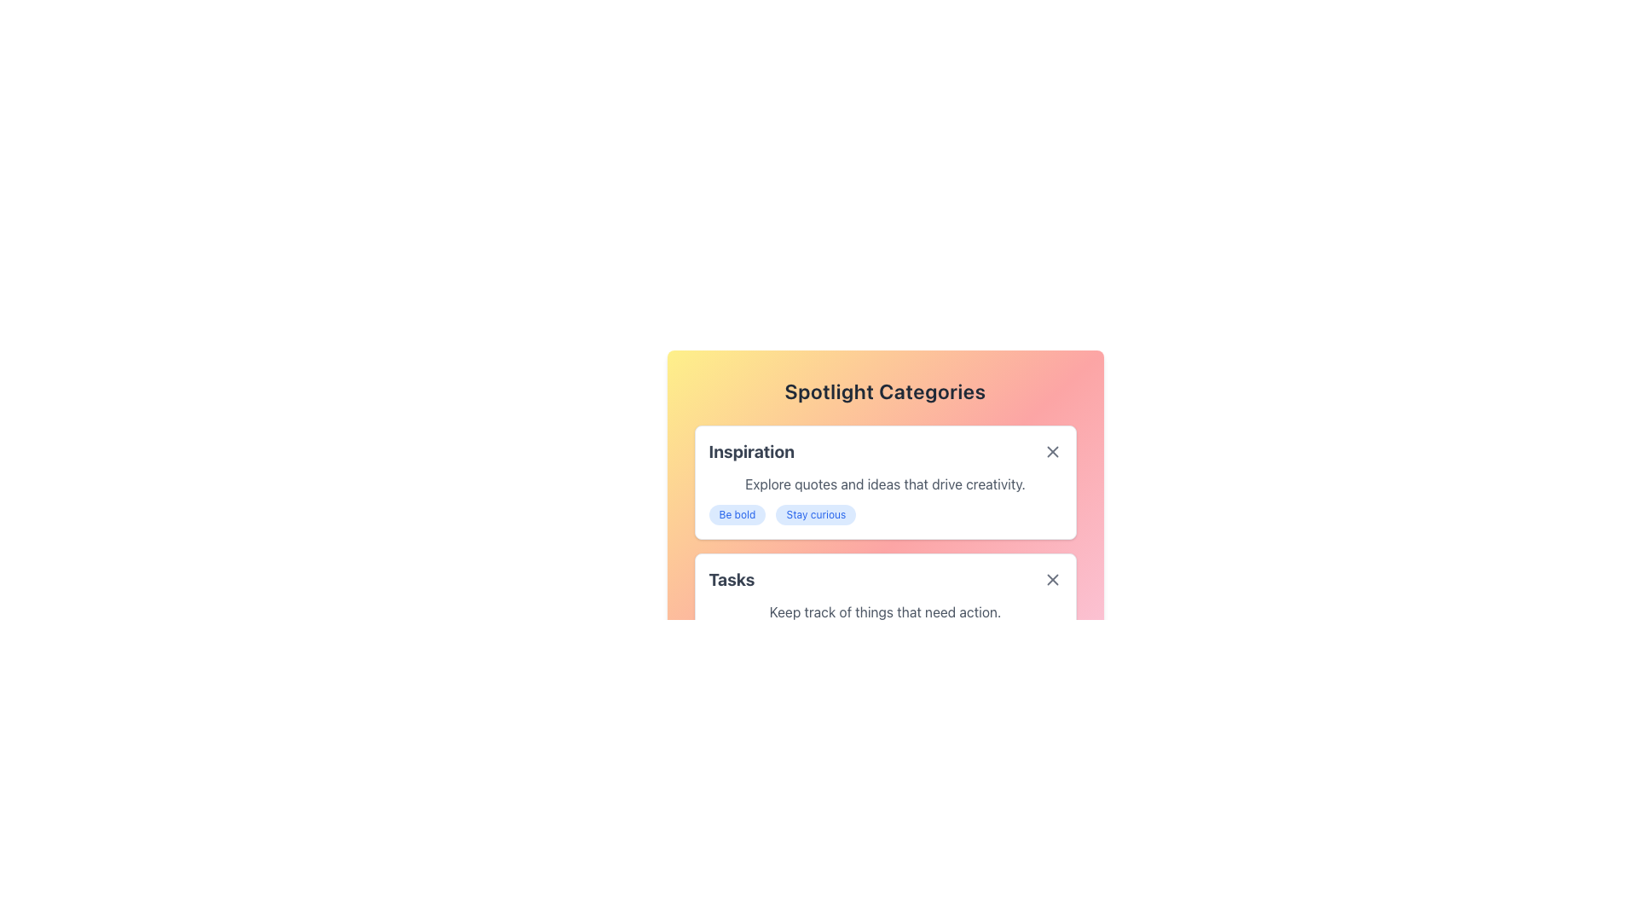 The height and width of the screenshot is (921, 1637). Describe the element at coordinates (885, 474) in the screenshot. I see `the 'Inspiration' informational card located at the top-center of the card stack under the heading 'Spotlight Categories.'` at that location.